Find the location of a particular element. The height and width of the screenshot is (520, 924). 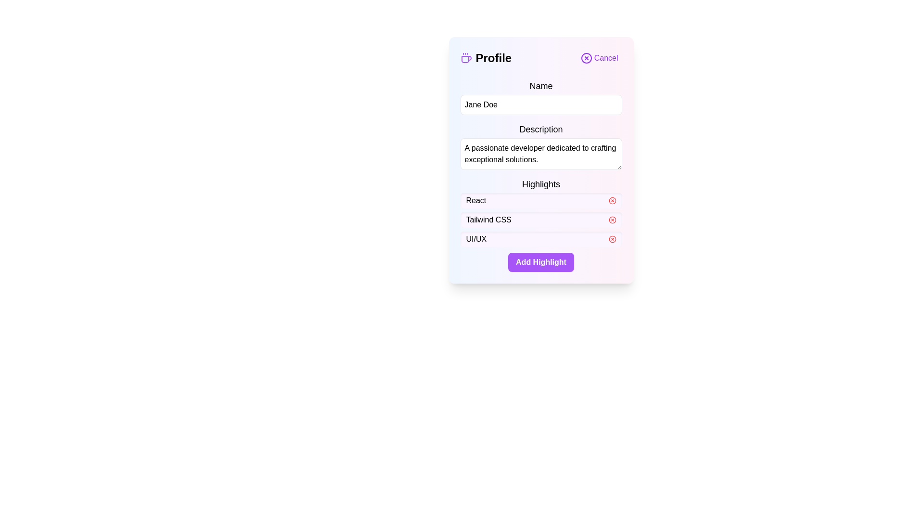

the text input field located below the 'Name' field and above the 'Highlights' section is located at coordinates (541, 146).